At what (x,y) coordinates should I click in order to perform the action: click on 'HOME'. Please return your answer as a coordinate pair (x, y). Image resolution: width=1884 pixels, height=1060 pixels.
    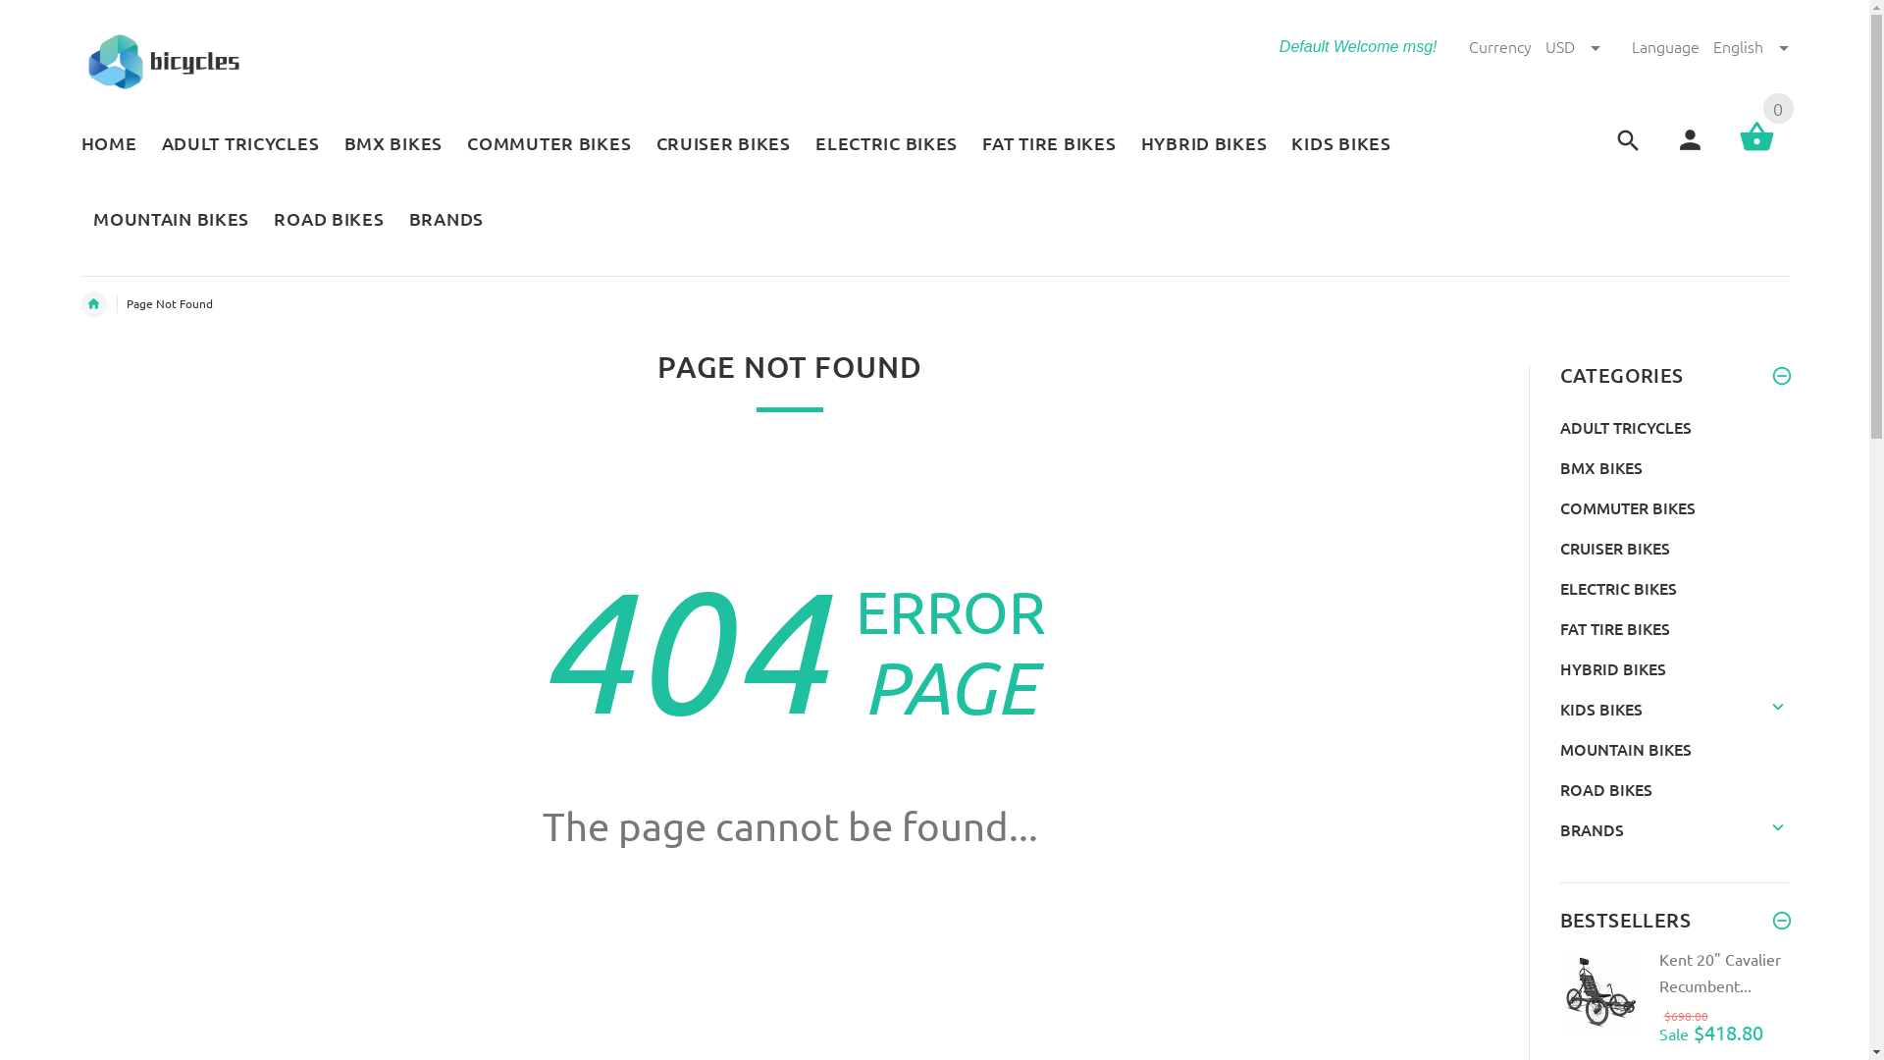
    Looking at the image, I should click on (113, 143).